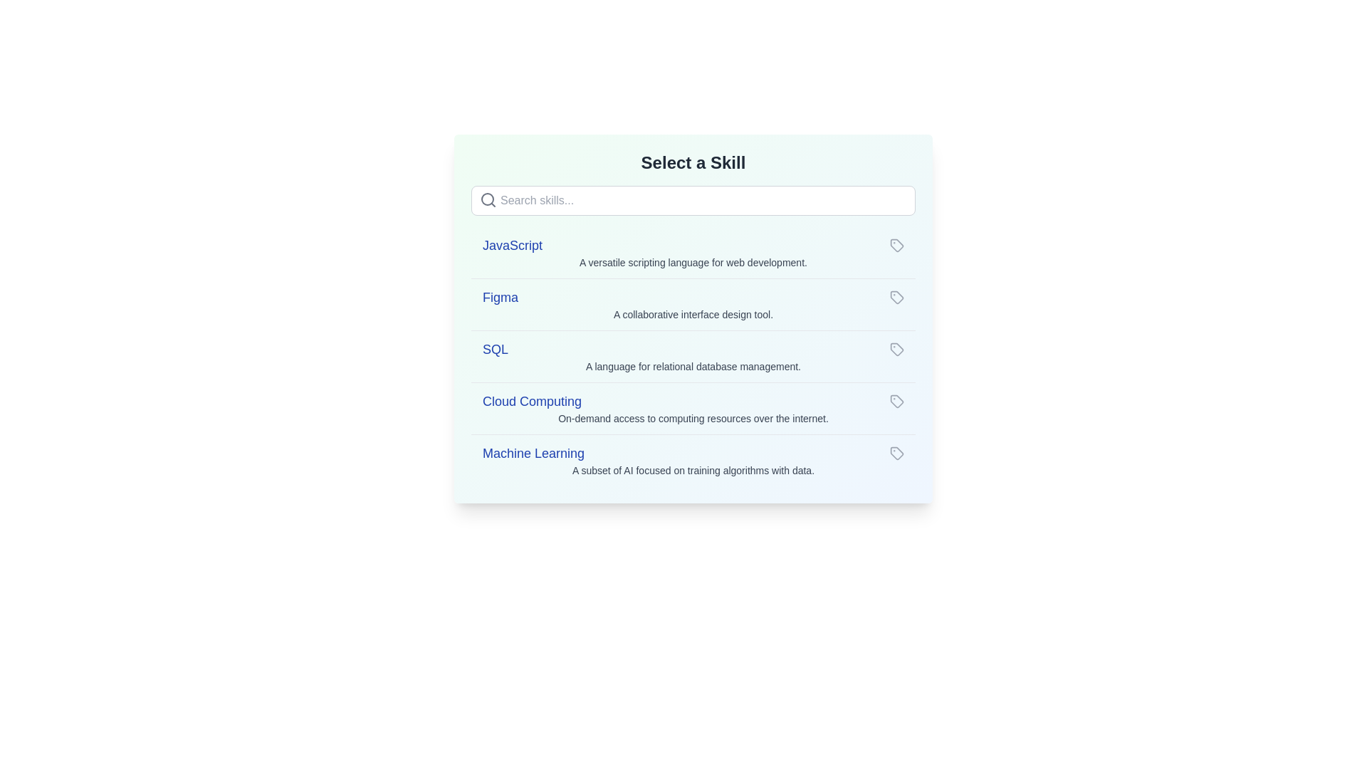  I want to click on the descriptive subtext text label located below the 'Cloud Computing' heading, which provides additional details about the purpose of this option, so click(693, 417).